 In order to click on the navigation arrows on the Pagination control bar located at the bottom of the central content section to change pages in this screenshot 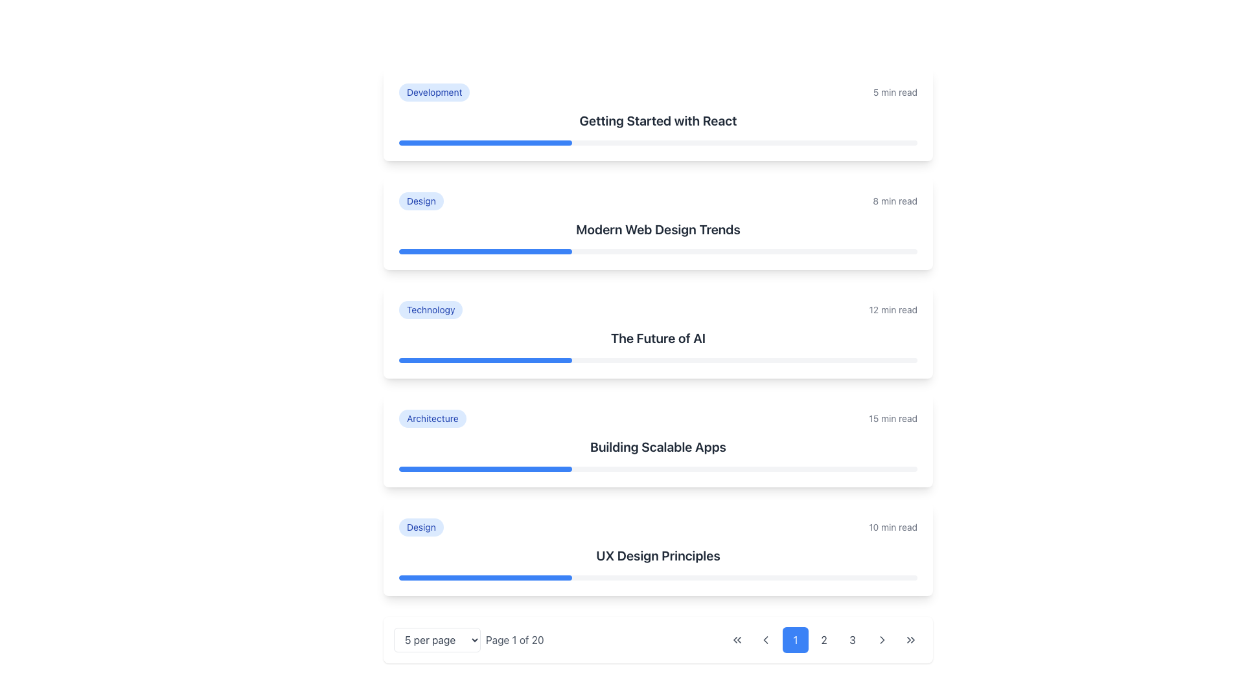, I will do `click(658, 639)`.